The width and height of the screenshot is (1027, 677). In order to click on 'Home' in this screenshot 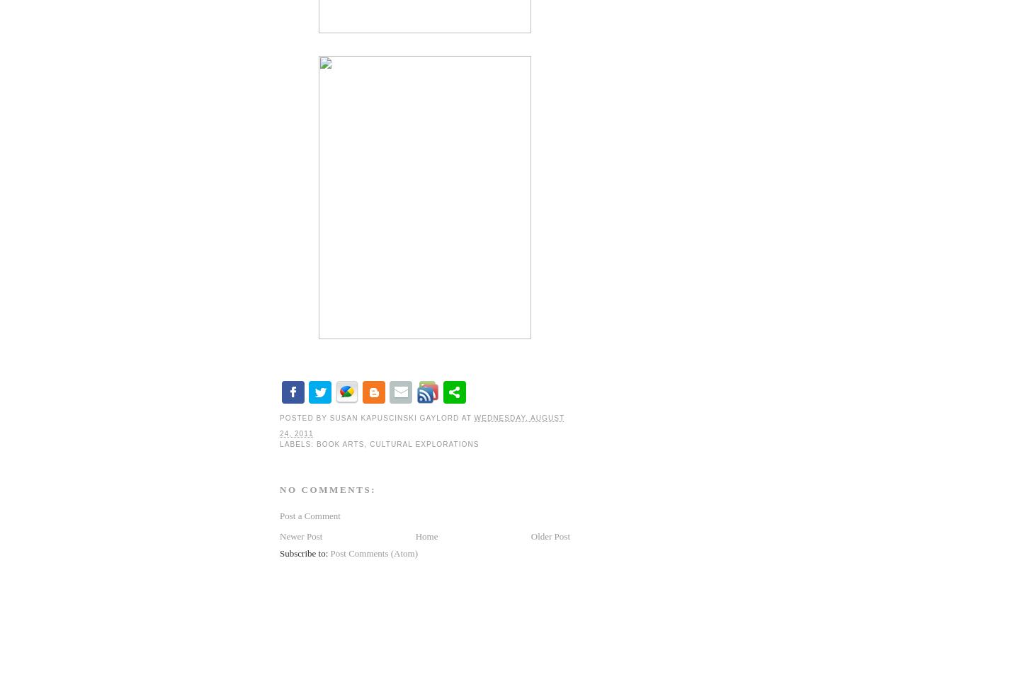, I will do `click(426, 535)`.